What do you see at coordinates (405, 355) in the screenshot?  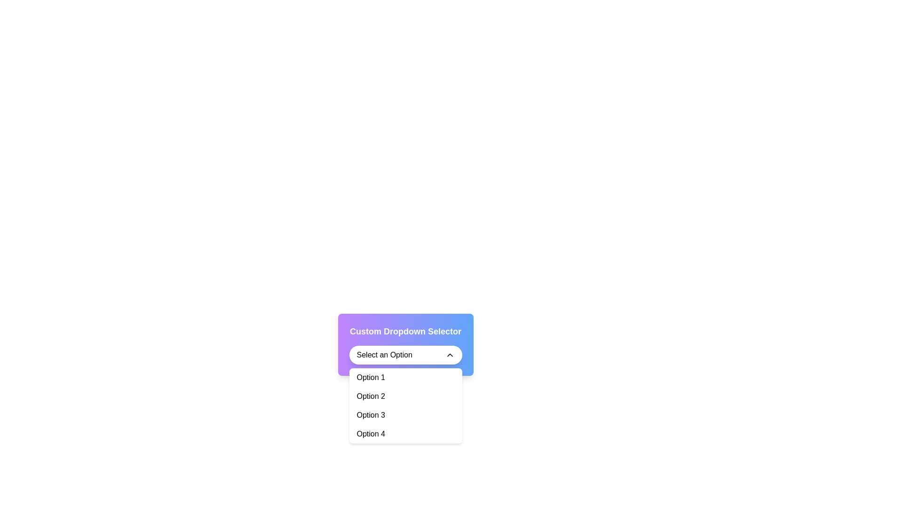 I see `the dropdown menu labeled 'Select an Option'` at bounding box center [405, 355].